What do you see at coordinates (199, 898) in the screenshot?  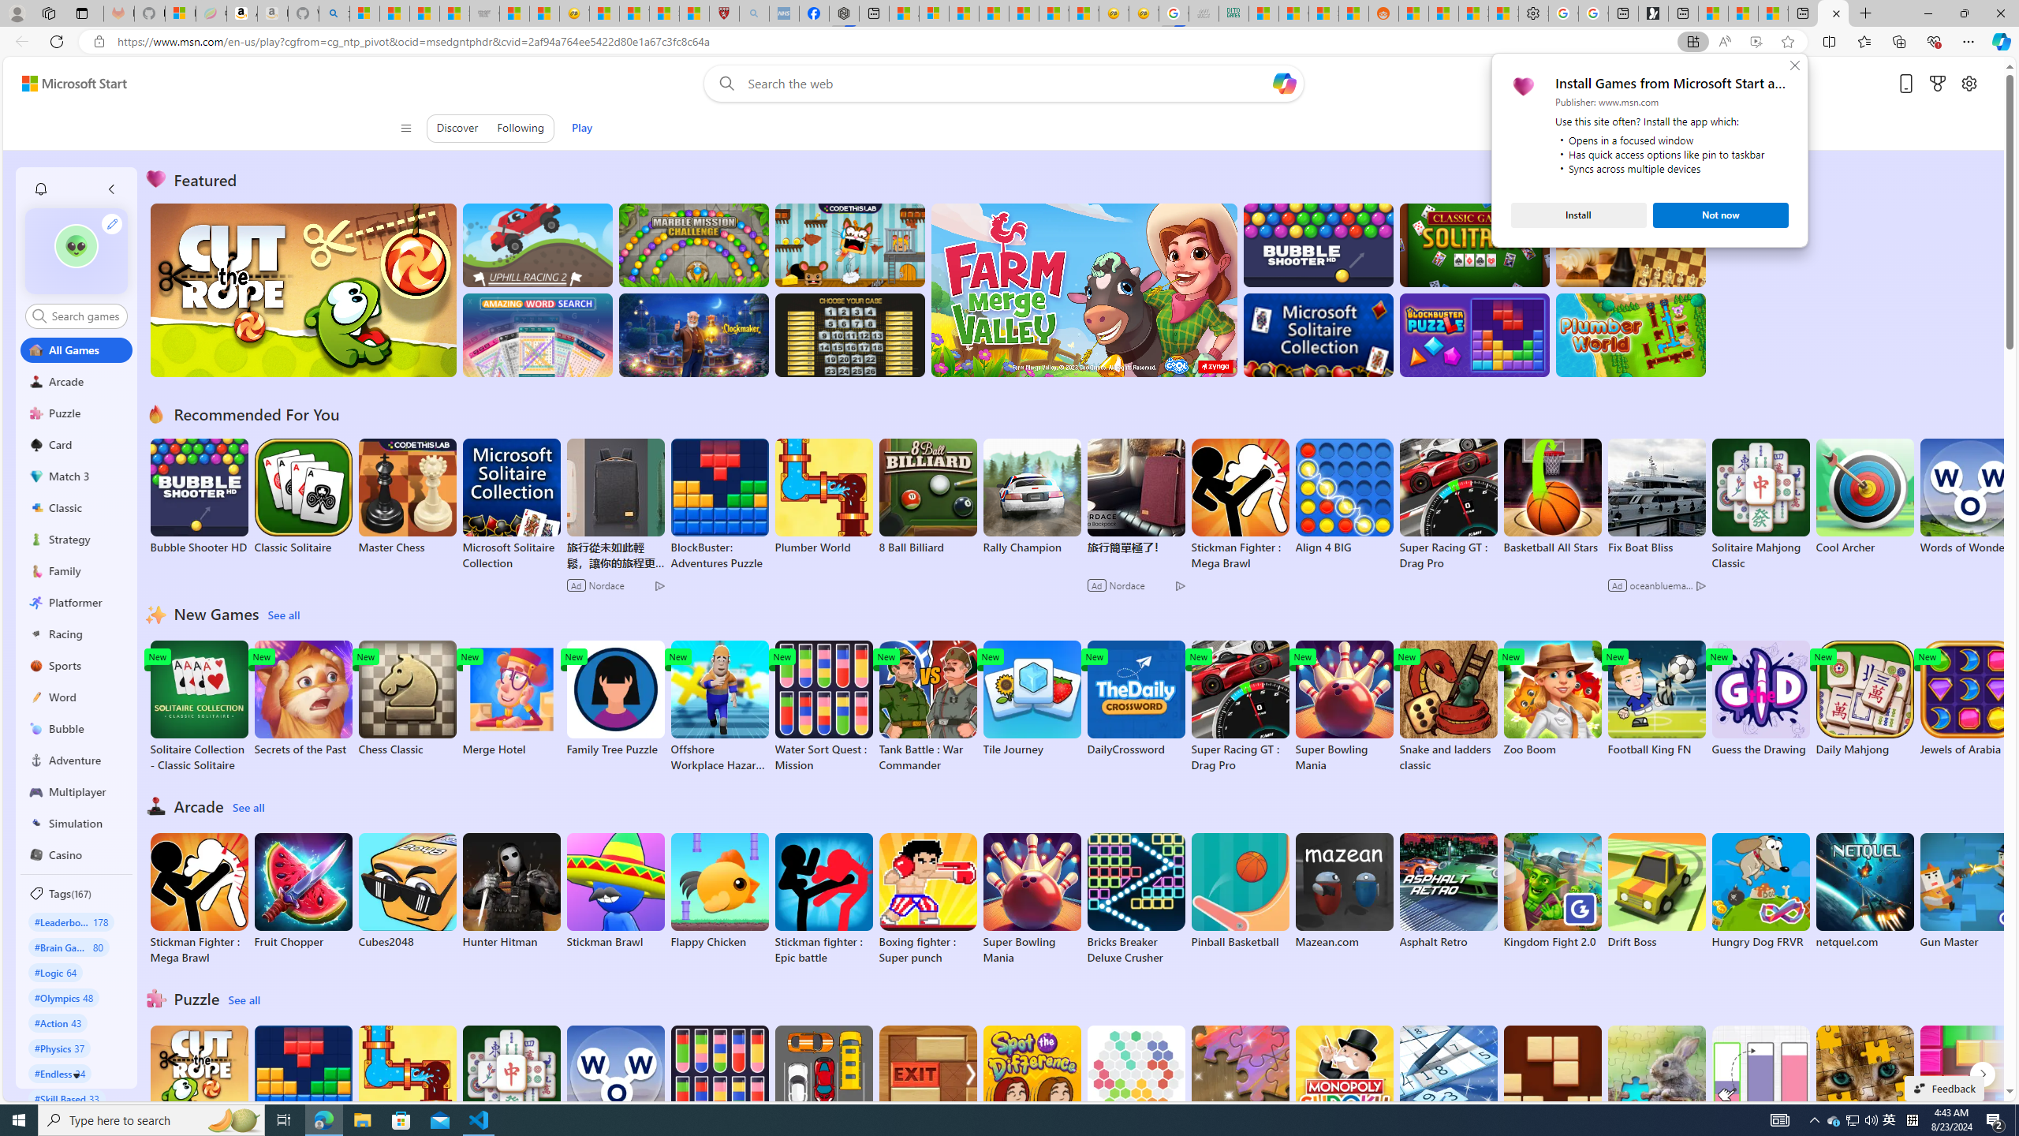 I see `'Stickman Fighter : Mega Brawl'` at bounding box center [199, 898].